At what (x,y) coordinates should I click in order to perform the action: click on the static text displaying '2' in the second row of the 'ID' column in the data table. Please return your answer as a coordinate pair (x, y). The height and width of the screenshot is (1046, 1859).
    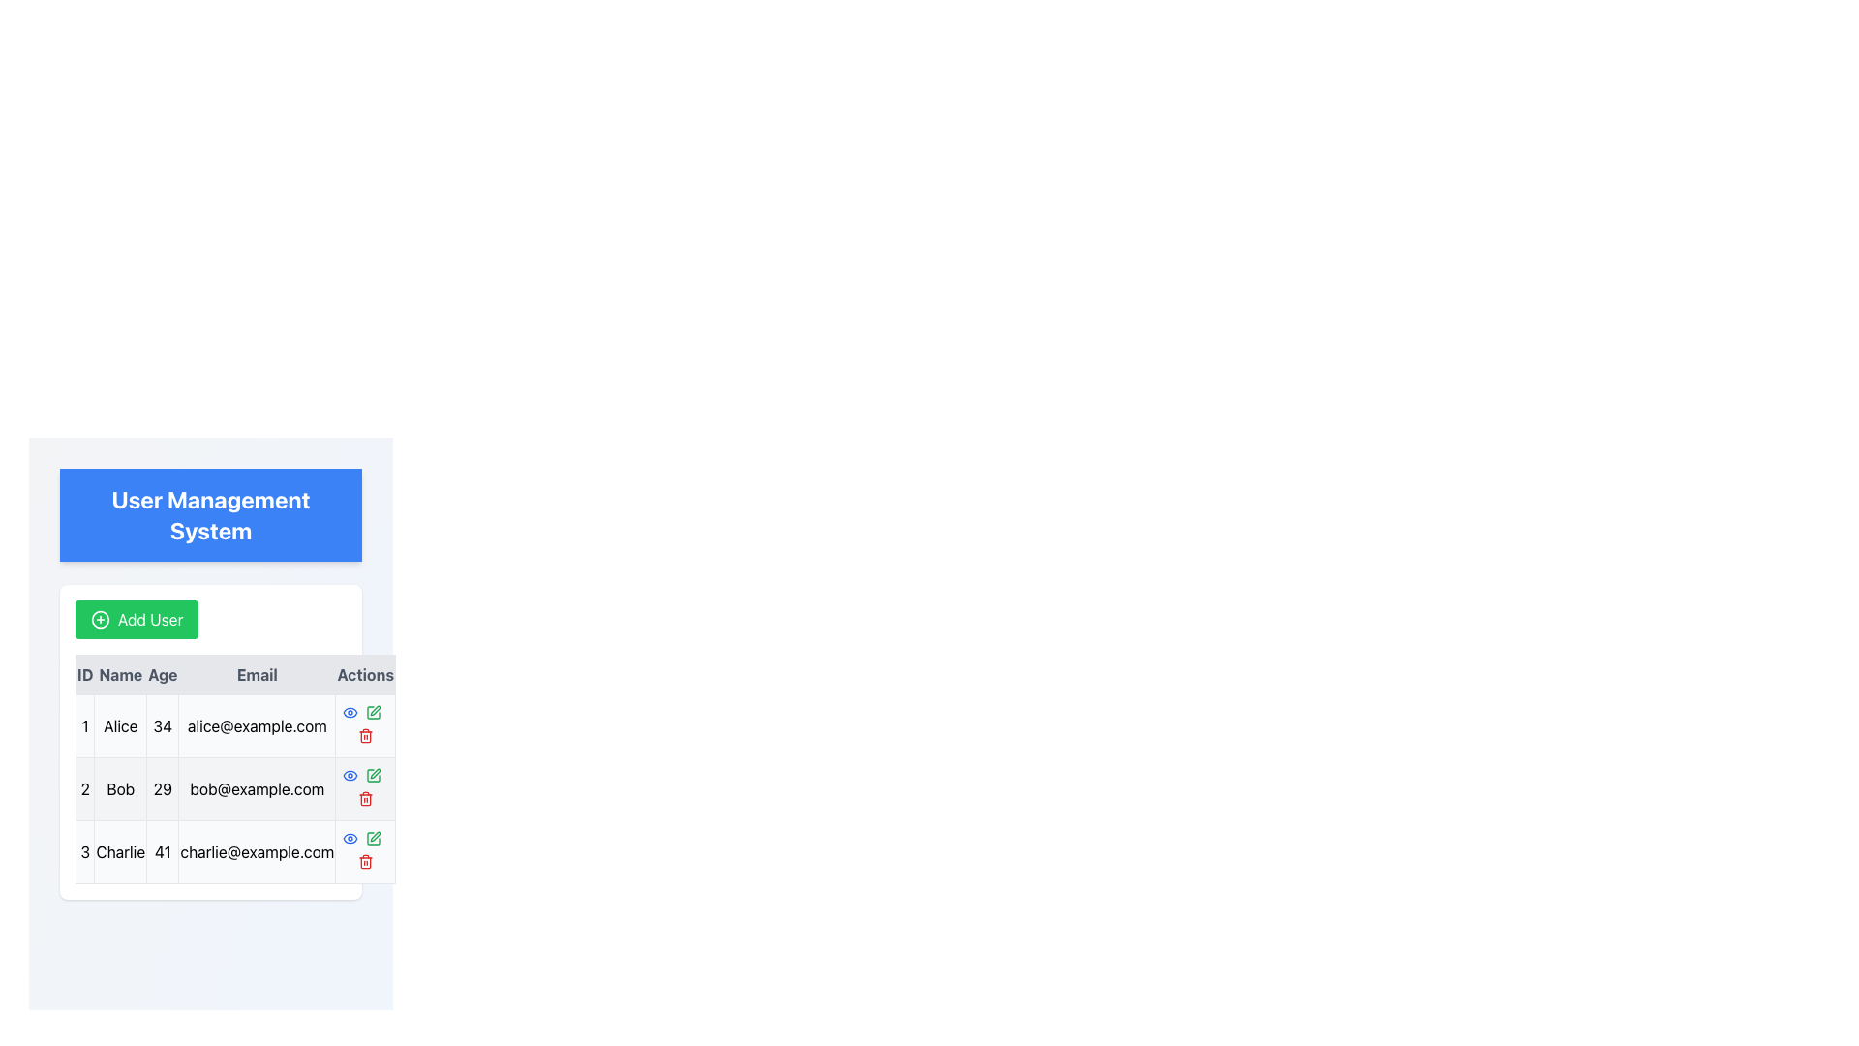
    Looking at the image, I should click on (84, 788).